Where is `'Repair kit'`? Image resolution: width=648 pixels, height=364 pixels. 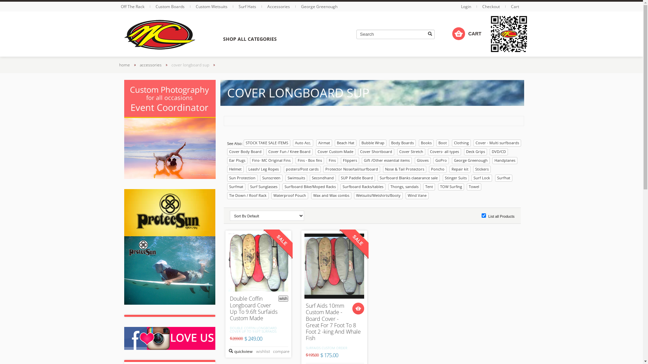
'Repair kit' is located at coordinates (460, 169).